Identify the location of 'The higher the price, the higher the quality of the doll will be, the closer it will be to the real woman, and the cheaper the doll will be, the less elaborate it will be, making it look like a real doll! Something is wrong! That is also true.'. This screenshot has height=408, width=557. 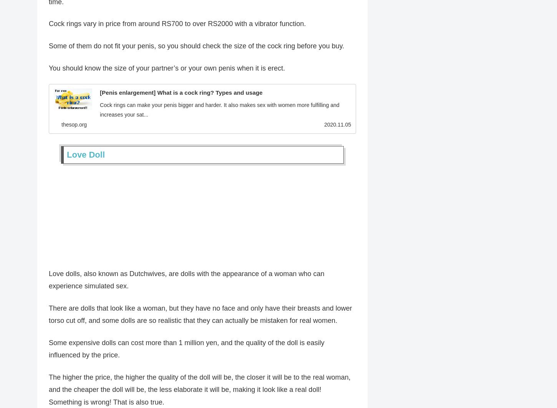
(199, 391).